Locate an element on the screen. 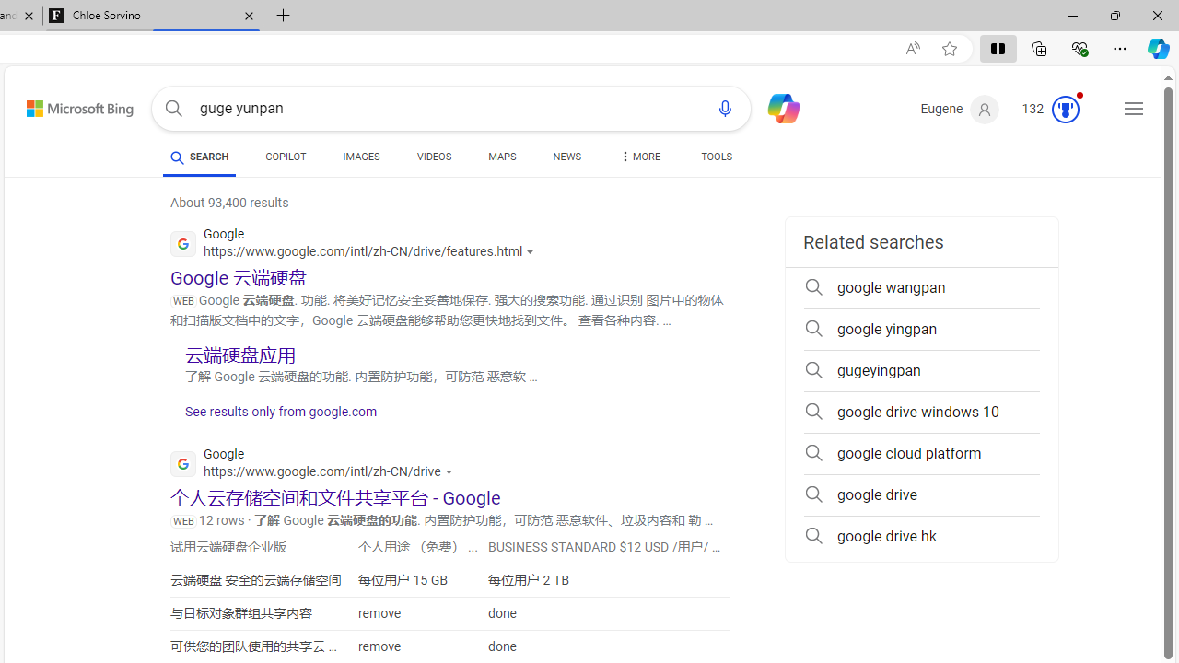 The image size is (1179, 663). 'google yingpan' is located at coordinates (921, 329).